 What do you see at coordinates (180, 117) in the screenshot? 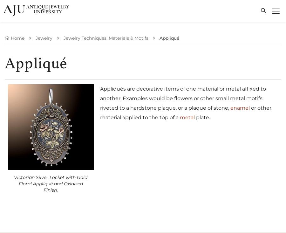
I see `'metal'` at bounding box center [180, 117].